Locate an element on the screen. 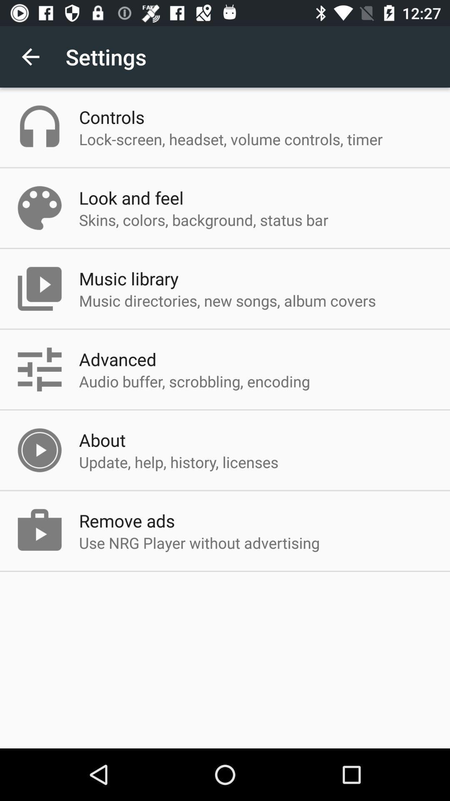 The width and height of the screenshot is (450, 801). item below the skins colors background item is located at coordinates (129, 278).